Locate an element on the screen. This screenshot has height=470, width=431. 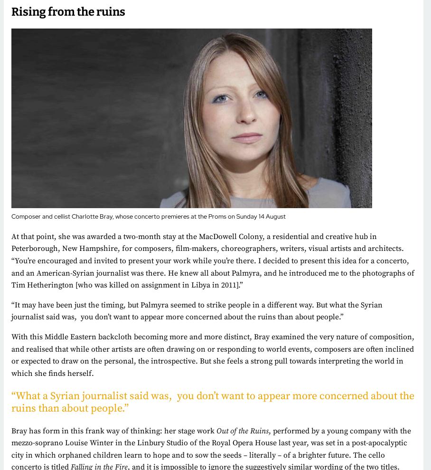
'Bray has form in this frank way of thinking: her stage work' is located at coordinates (113, 430).